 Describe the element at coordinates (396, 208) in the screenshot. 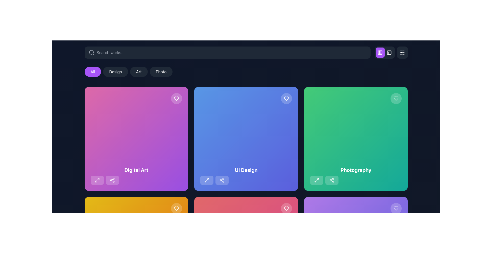

I see `the heart-shaped icon button filled with a gradient of colors located at the top-right corner of the green 'Photography' card` at that location.